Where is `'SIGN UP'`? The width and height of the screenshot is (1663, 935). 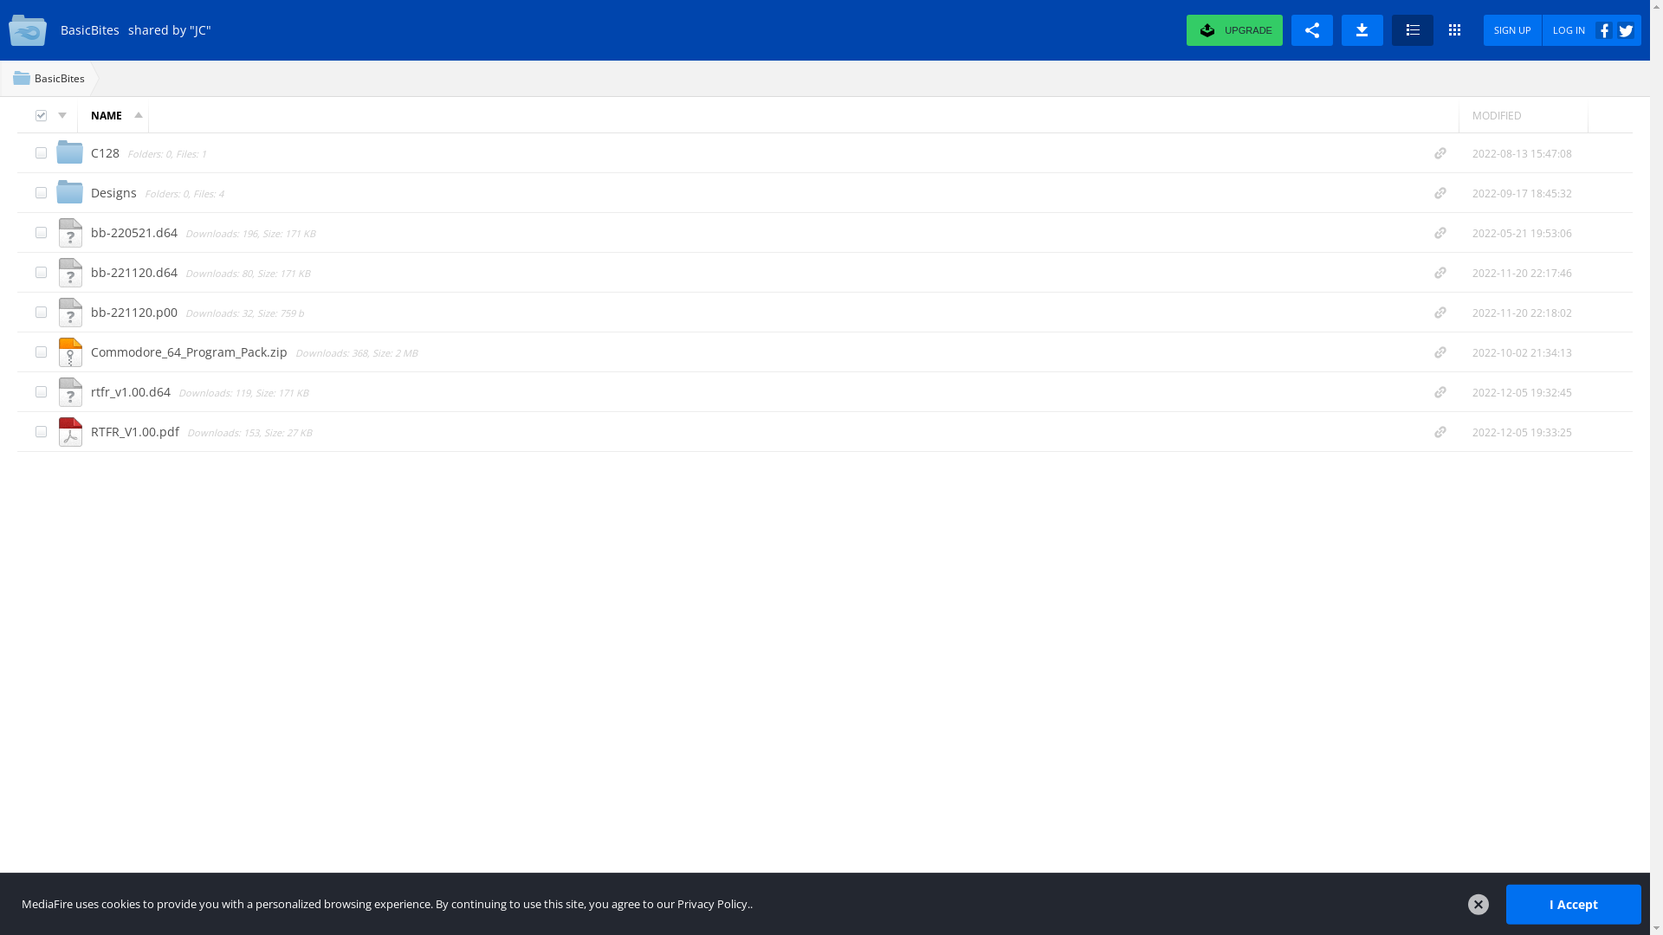
'SIGN UP' is located at coordinates (1512, 29).